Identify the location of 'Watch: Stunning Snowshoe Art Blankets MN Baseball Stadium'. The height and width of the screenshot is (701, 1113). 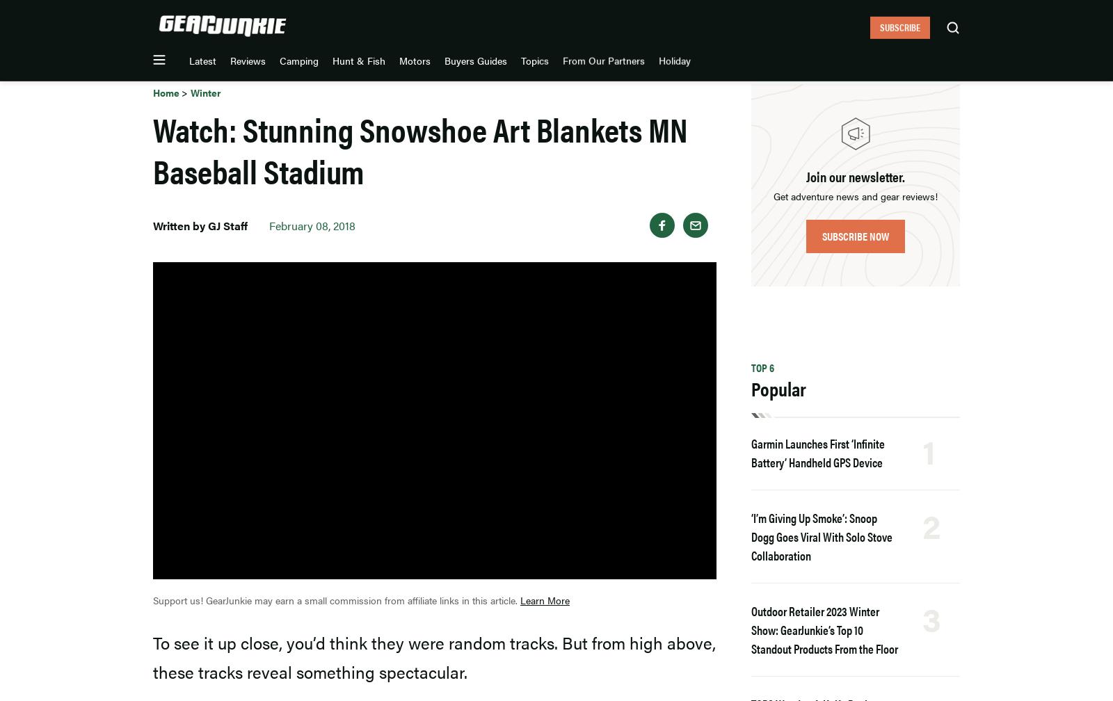
(420, 150).